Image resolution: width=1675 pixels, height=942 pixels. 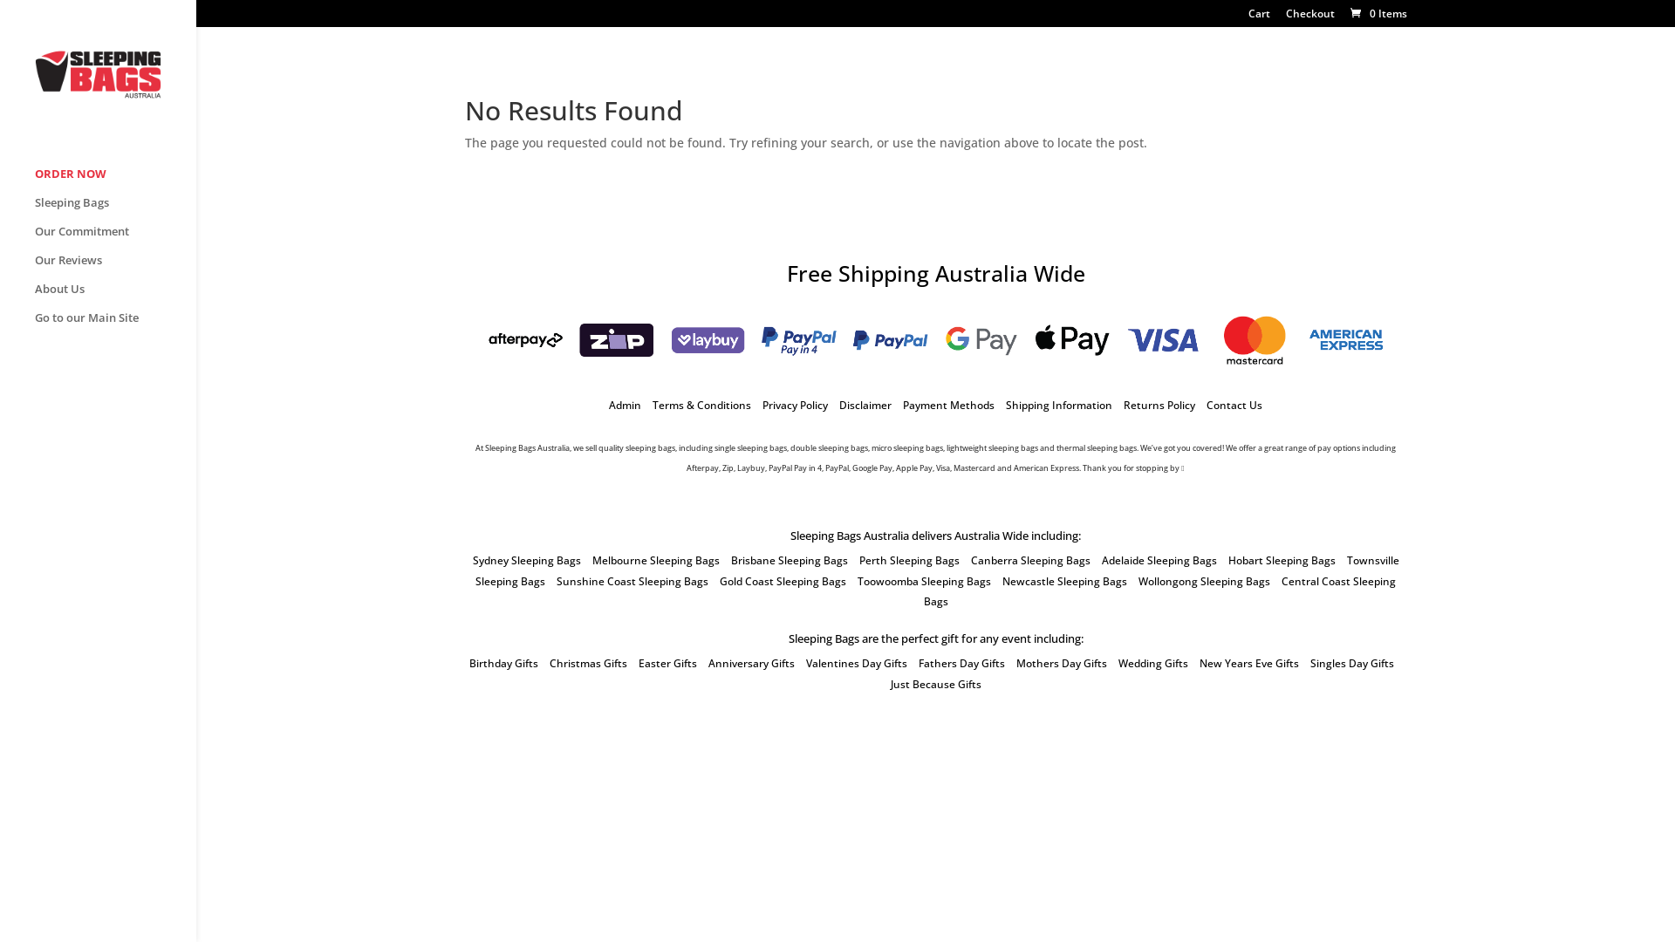 What do you see at coordinates (114, 296) in the screenshot?
I see `'About Us'` at bounding box center [114, 296].